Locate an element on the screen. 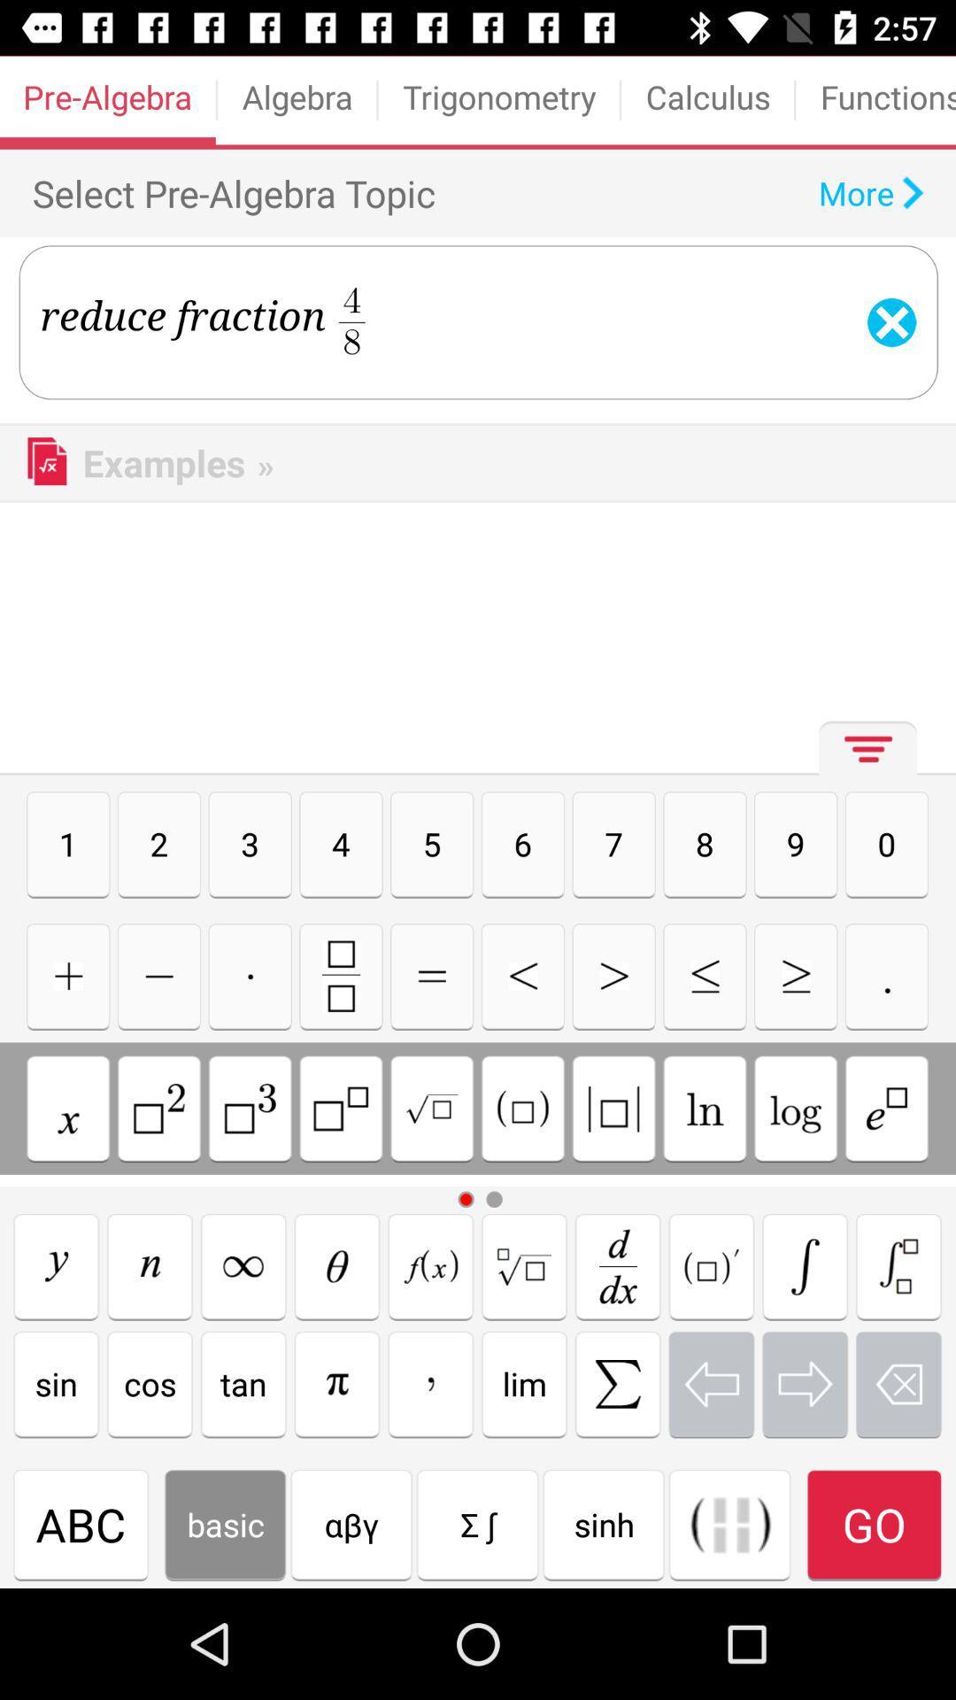 The height and width of the screenshot is (1700, 956). integral of using maths is located at coordinates (805, 1265).